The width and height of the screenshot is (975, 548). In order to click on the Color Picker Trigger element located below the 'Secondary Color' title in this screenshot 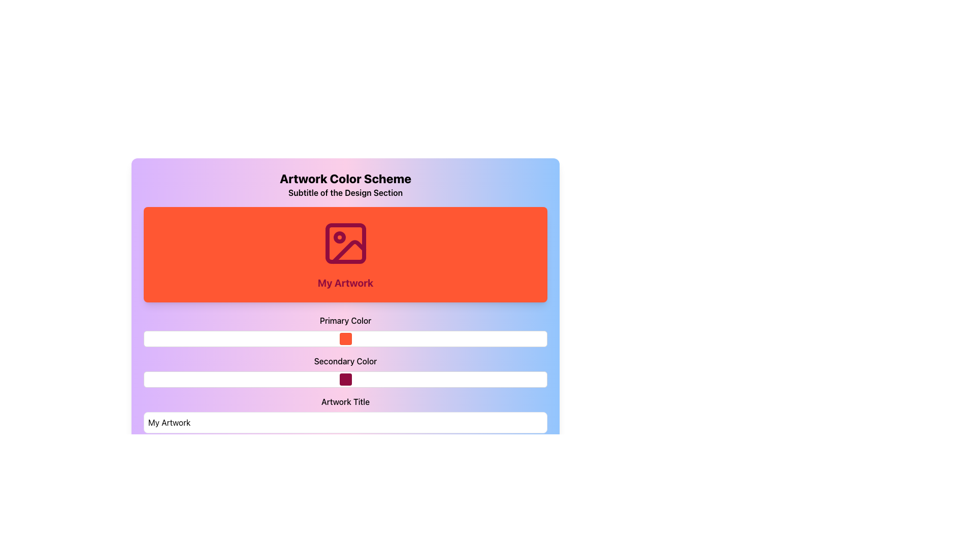, I will do `click(345, 380)`.